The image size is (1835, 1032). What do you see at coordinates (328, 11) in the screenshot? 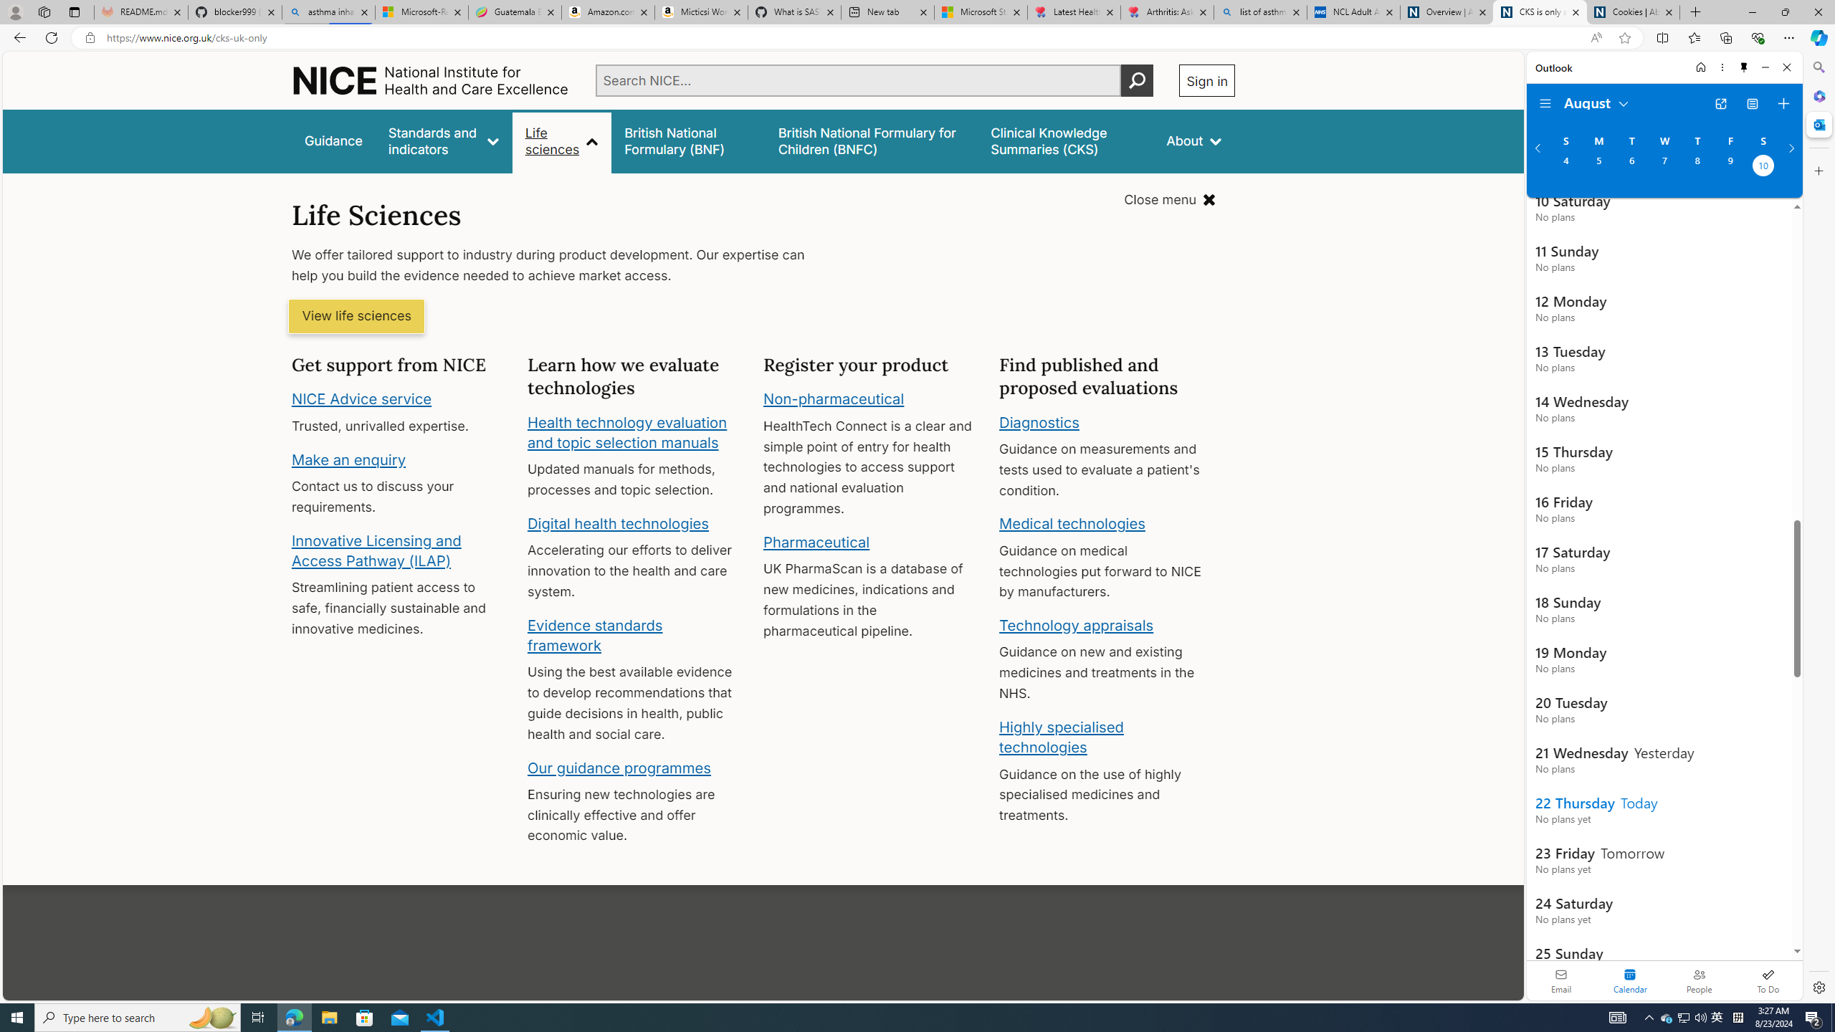
I see `'asthma inhaler - Search'` at bounding box center [328, 11].